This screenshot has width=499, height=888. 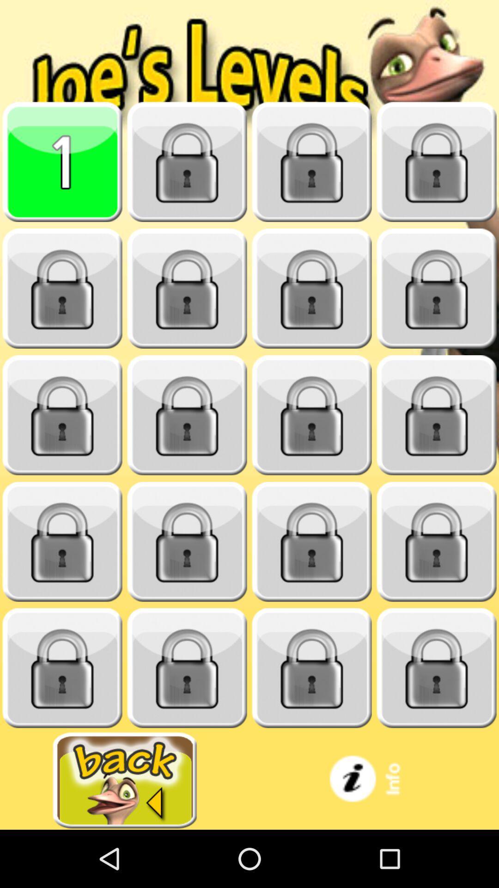 I want to click on locked level, so click(x=187, y=415).